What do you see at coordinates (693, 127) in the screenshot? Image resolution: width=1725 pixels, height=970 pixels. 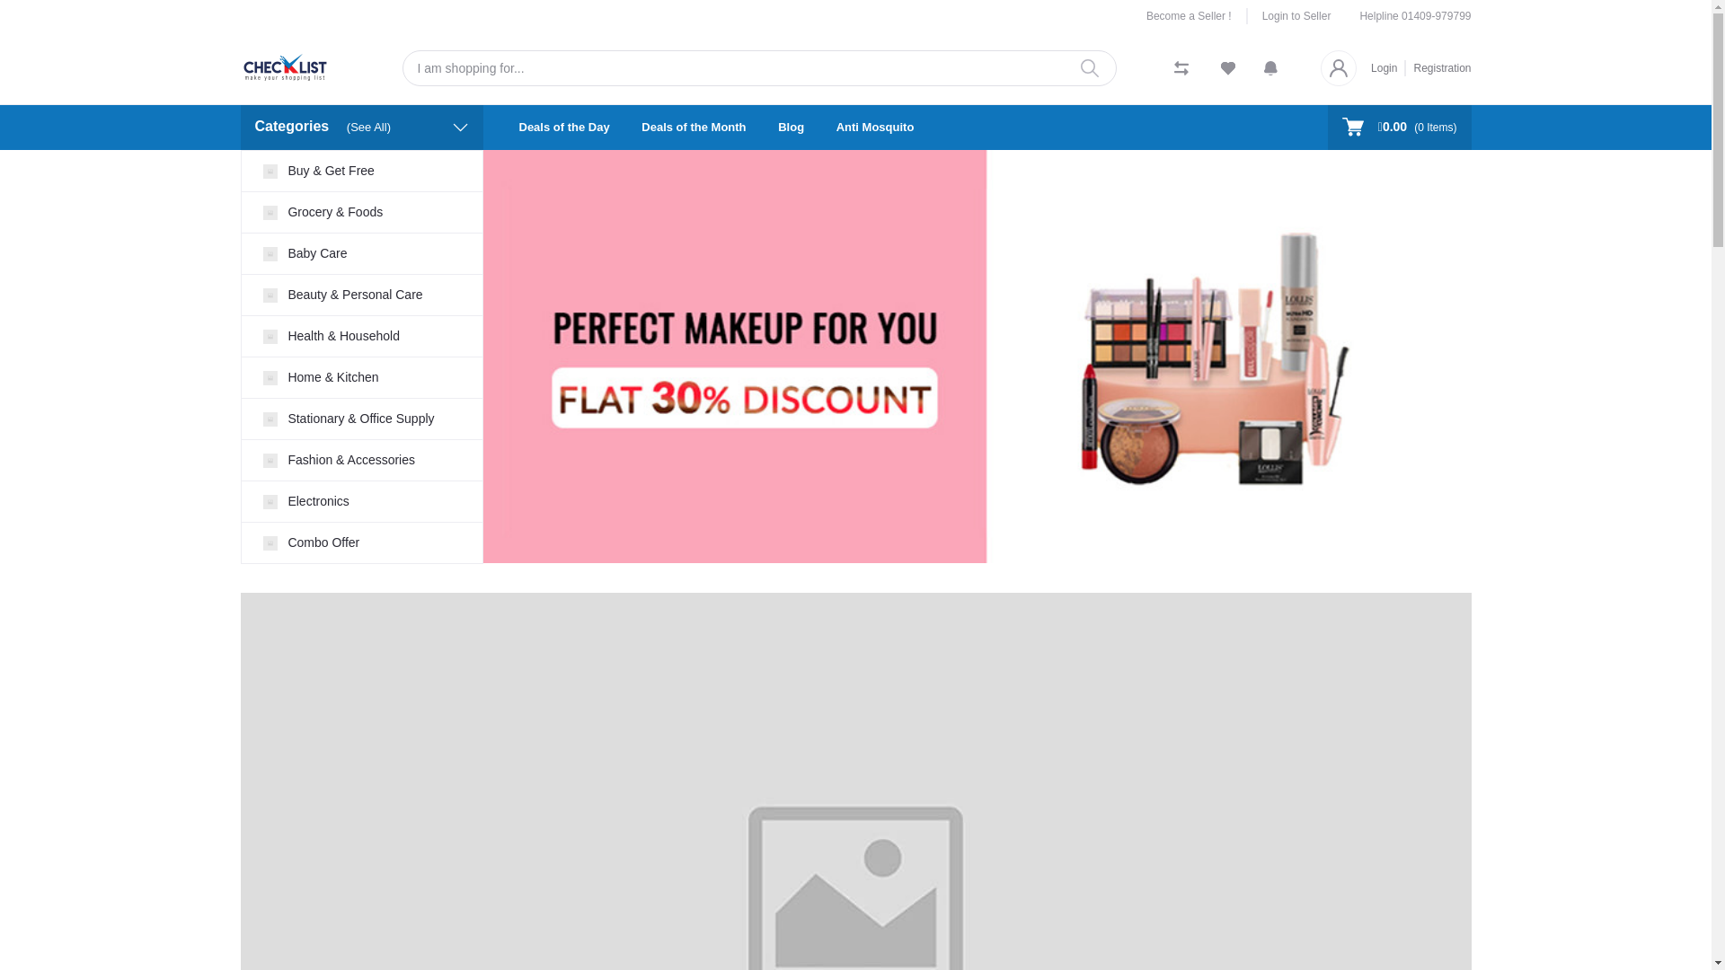 I see `'Deals of the Month'` at bounding box center [693, 127].